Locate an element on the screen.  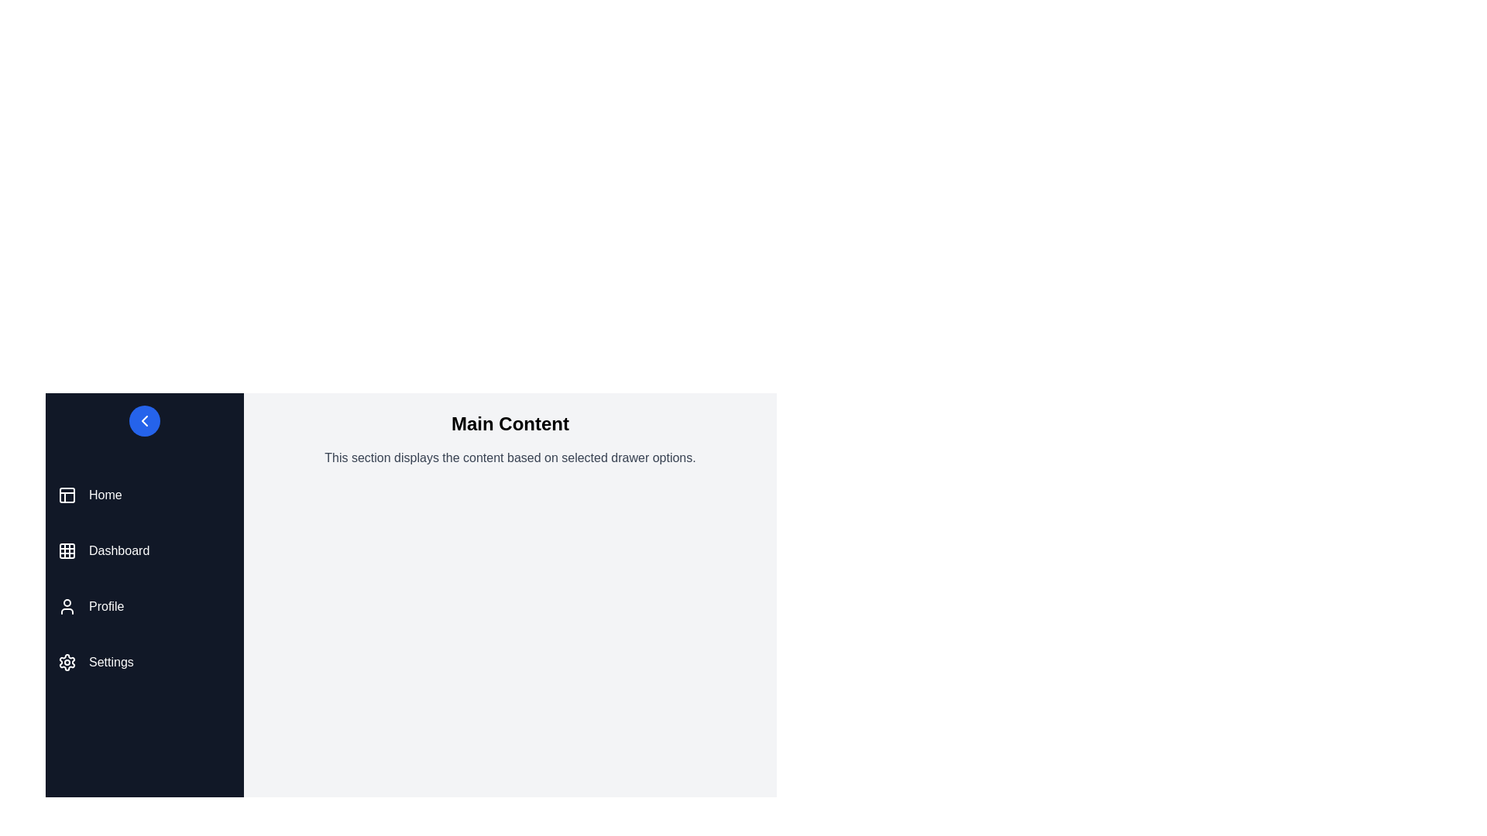
the menu item Profile from the drawer is located at coordinates (145, 605).